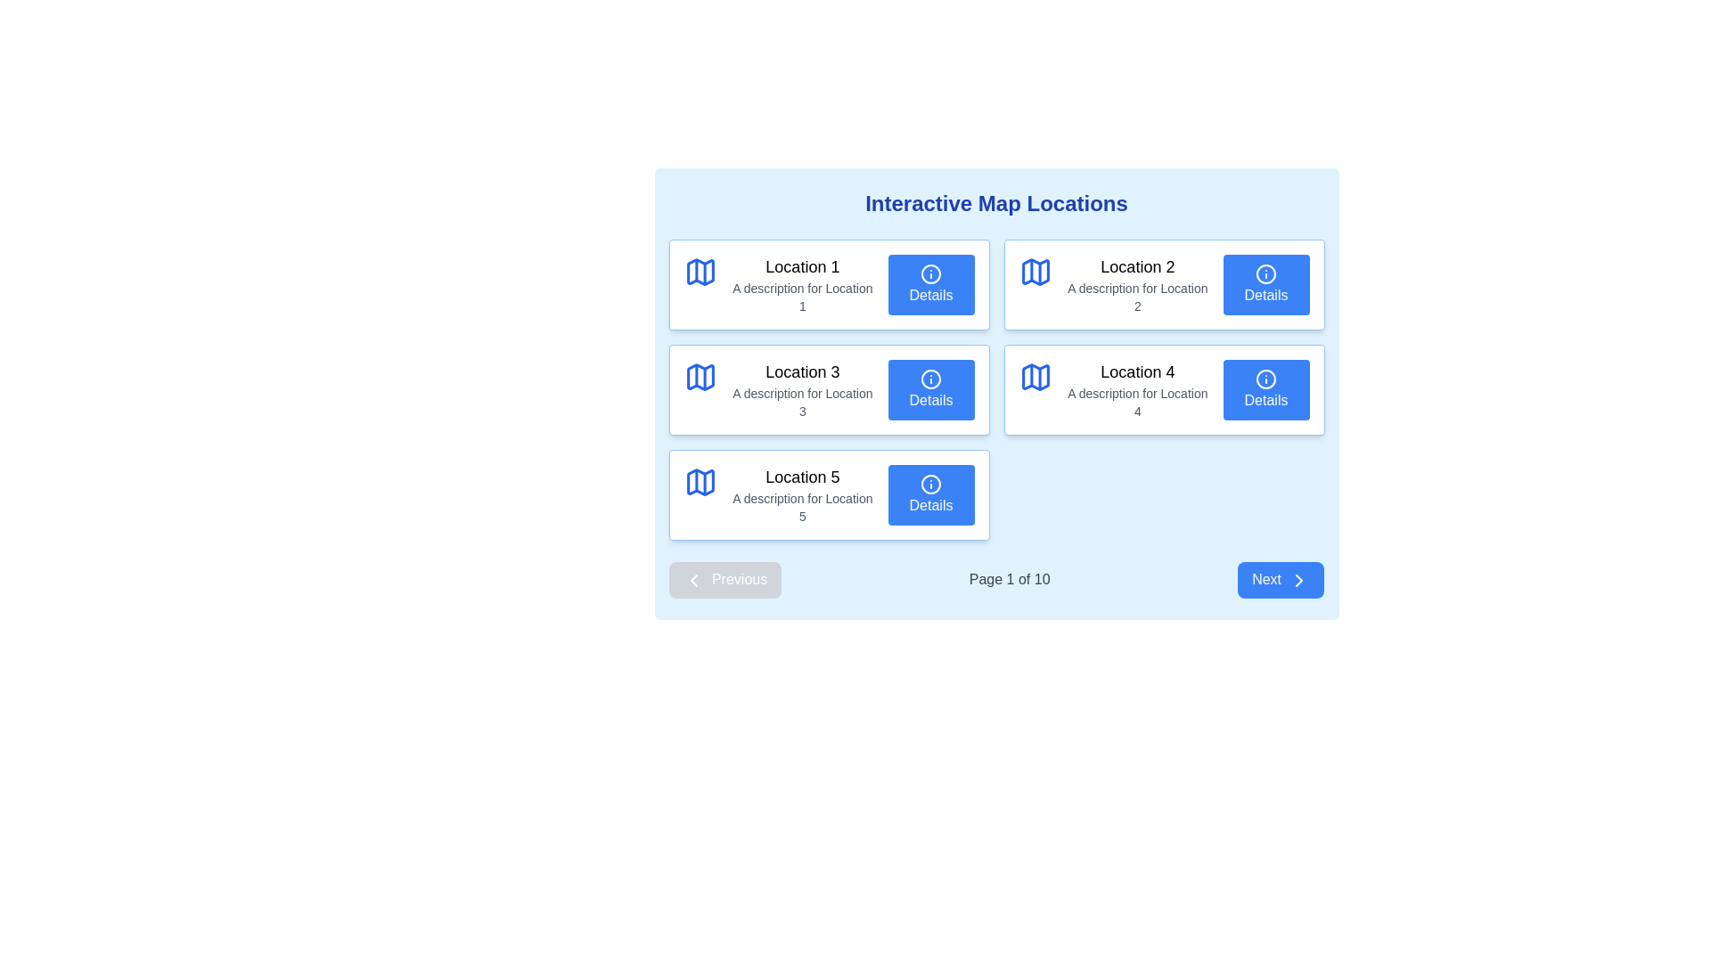 The image size is (1711, 962). Describe the element at coordinates (801, 477) in the screenshot. I see `the title text of the location entry card in the bottom-left corner of the grid layout` at that location.